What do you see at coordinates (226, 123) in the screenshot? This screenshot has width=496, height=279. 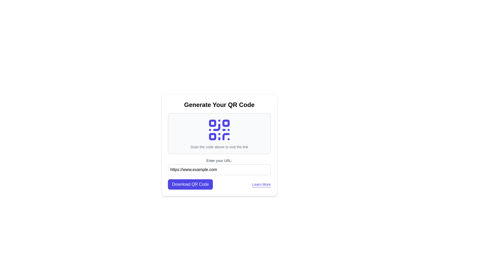 I see `the second square node of the QR code icon, located near the top-right corner of the icon` at bounding box center [226, 123].